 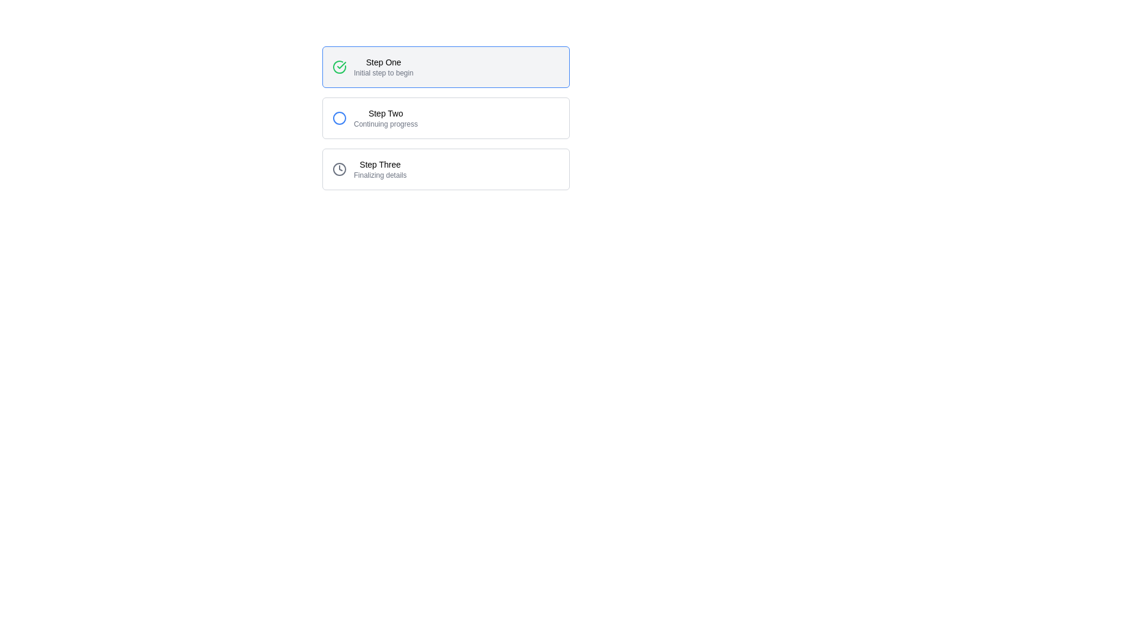 I want to click on the circular element with a blue outline that serves as a visual indicator for 'Step Two', so click(x=339, y=118).